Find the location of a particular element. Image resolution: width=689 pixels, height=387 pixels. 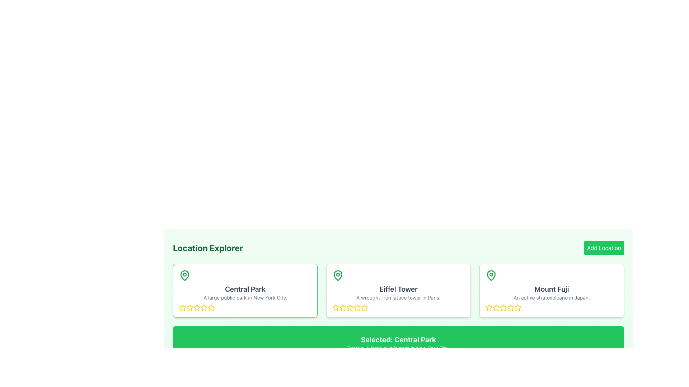

the fourth gold-colored star icon with a hollow center in the rating system, located below the 'Eiffel Tower' card in the 'Location Explorer' section is located at coordinates (350, 307).